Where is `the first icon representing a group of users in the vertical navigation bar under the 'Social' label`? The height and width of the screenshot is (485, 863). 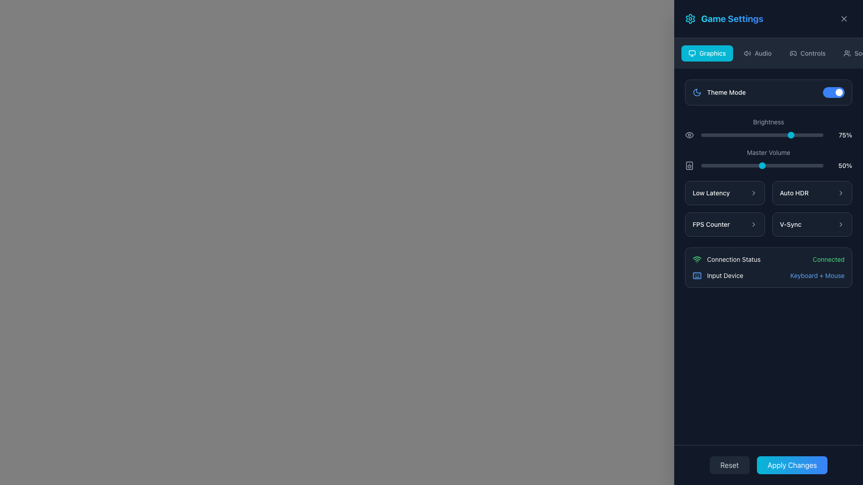
the first icon representing a group of users in the vertical navigation bar under the 'Social' label is located at coordinates (846, 53).